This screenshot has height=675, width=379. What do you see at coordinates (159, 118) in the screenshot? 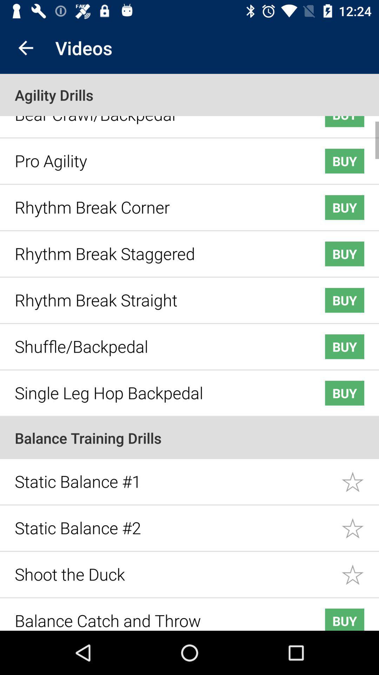
I see `the item below agility drills icon` at bounding box center [159, 118].